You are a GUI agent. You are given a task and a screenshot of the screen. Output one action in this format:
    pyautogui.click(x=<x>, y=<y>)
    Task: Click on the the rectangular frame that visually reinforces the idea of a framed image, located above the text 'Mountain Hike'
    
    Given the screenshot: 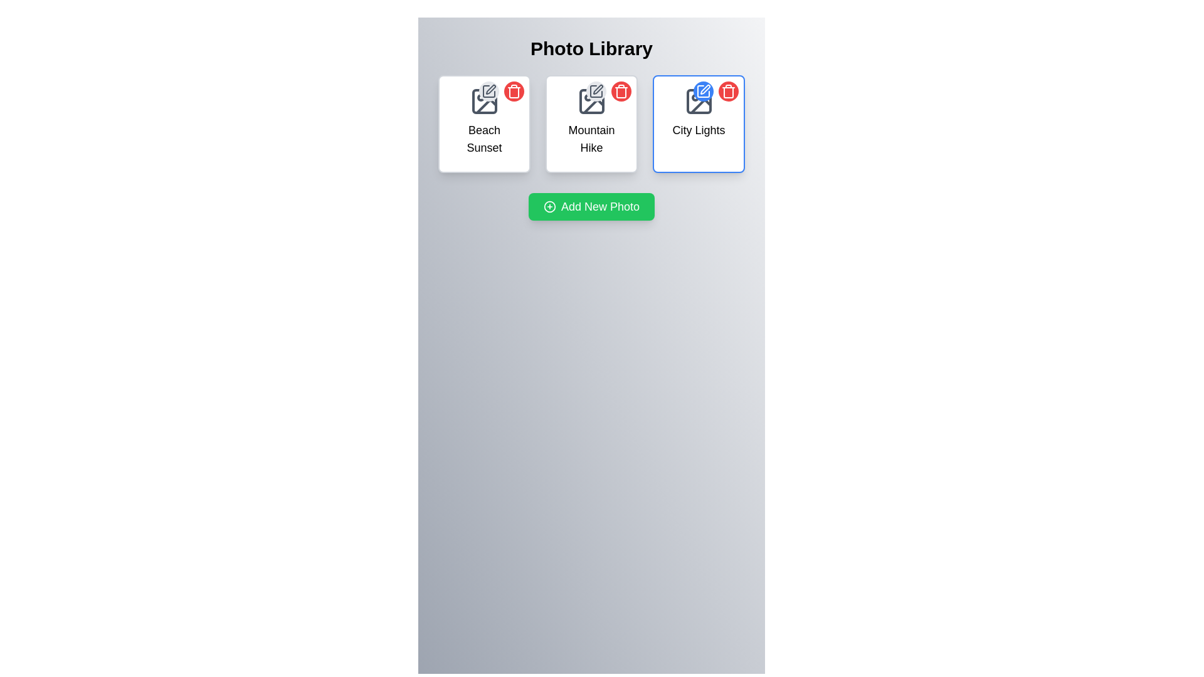 What is the action you would take?
    pyautogui.click(x=591, y=101)
    